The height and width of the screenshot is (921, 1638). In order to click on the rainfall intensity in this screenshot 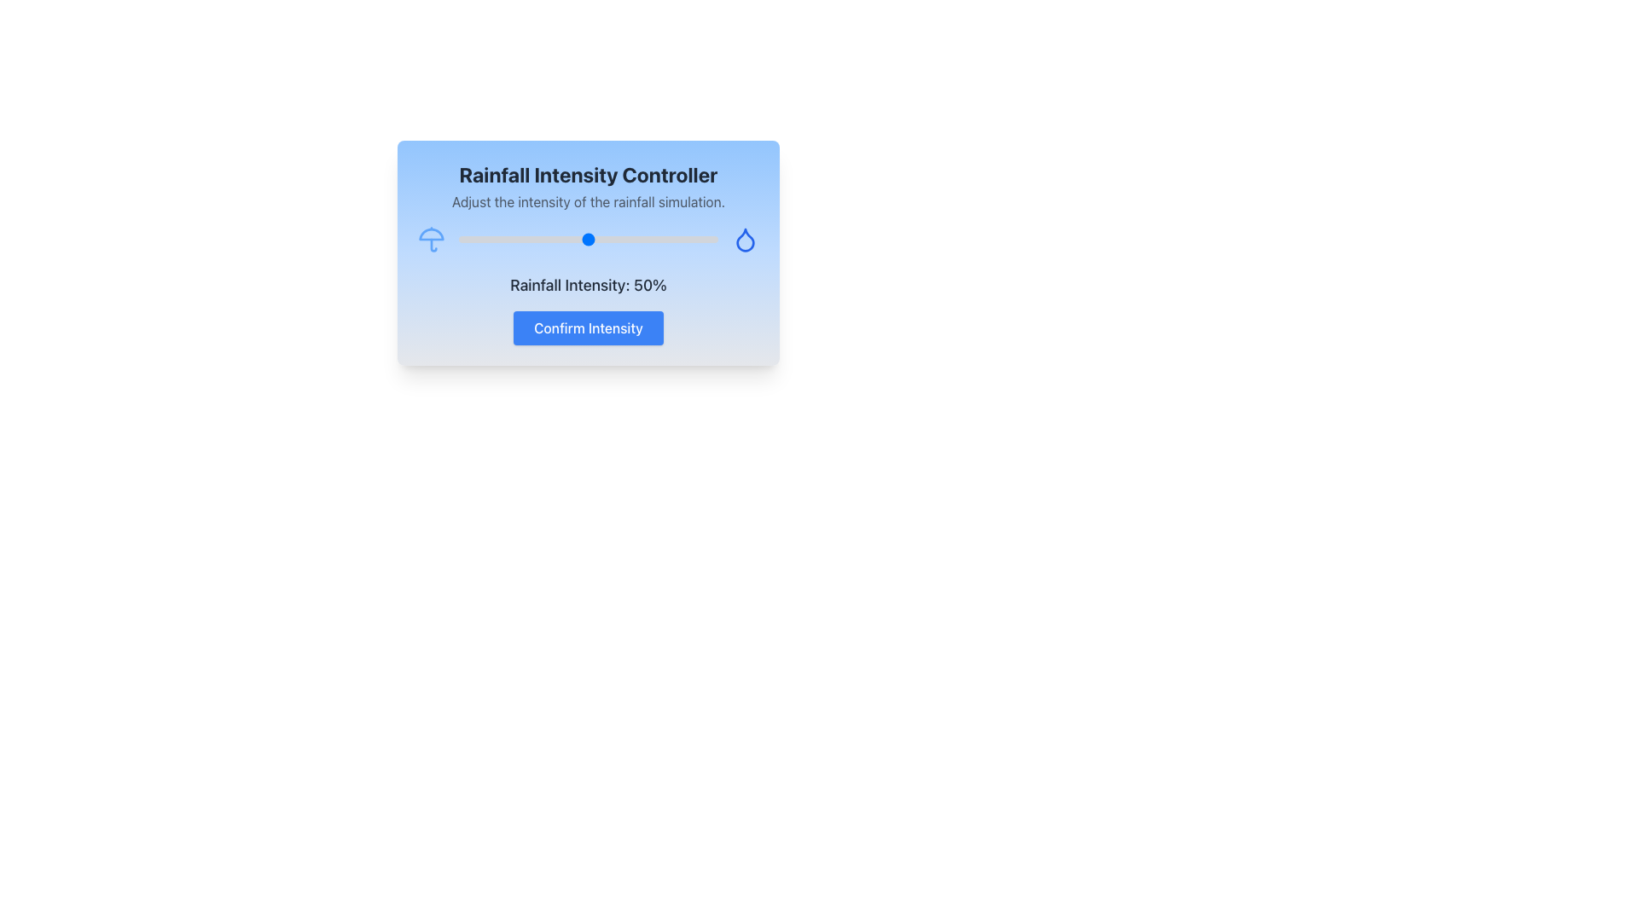, I will do `click(612, 240)`.